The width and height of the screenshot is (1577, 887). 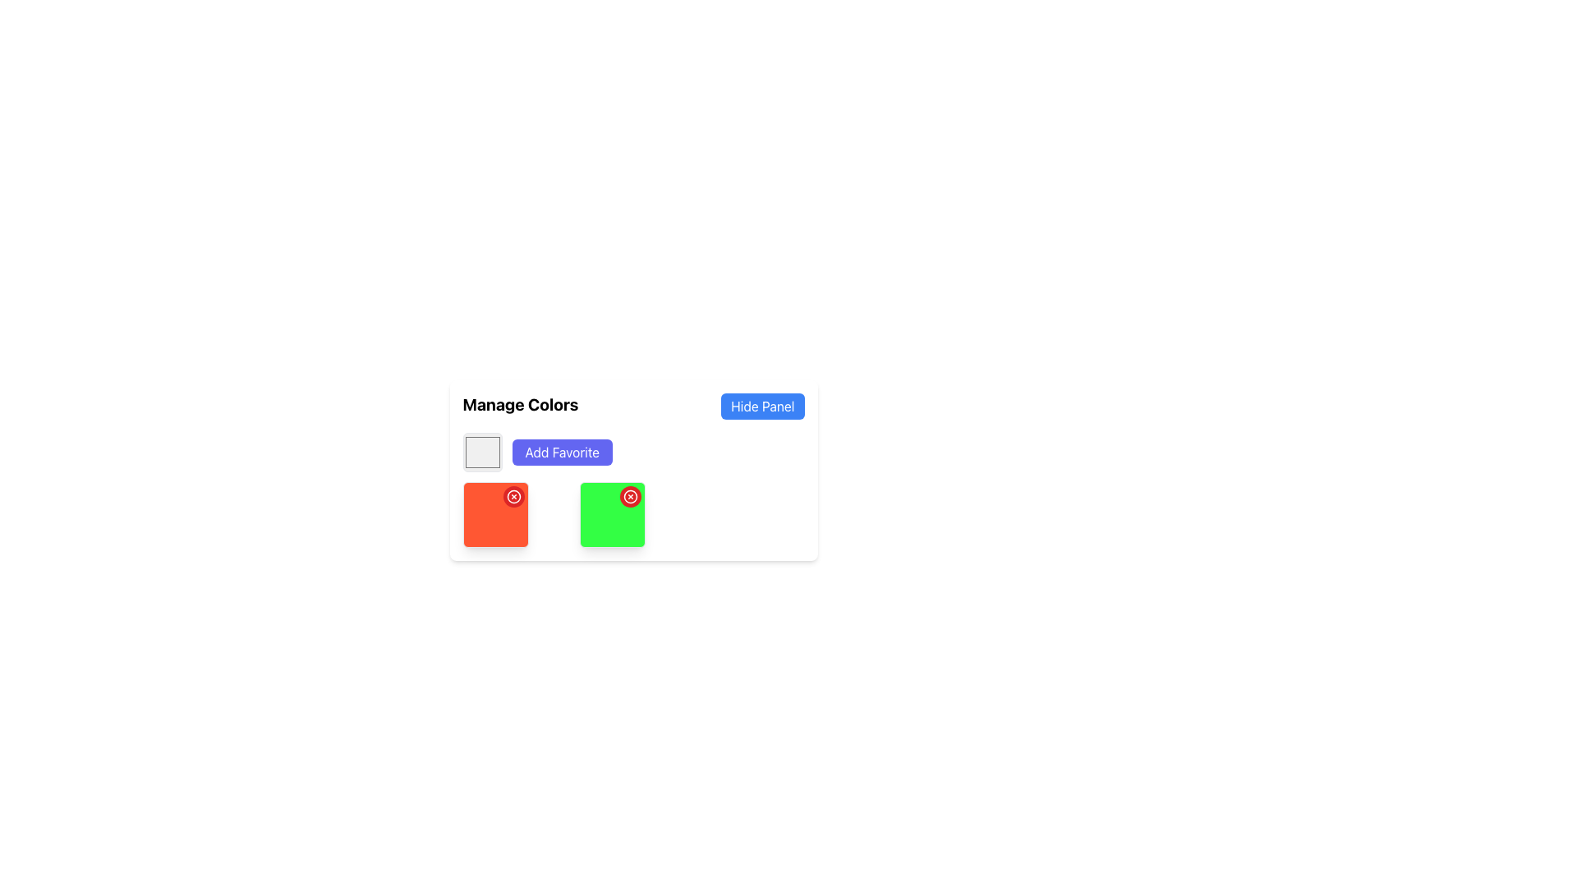 I want to click on the 'Add Favorite' button, which is a rectangular button with rounded corners and a solid purple background, so click(x=562, y=453).